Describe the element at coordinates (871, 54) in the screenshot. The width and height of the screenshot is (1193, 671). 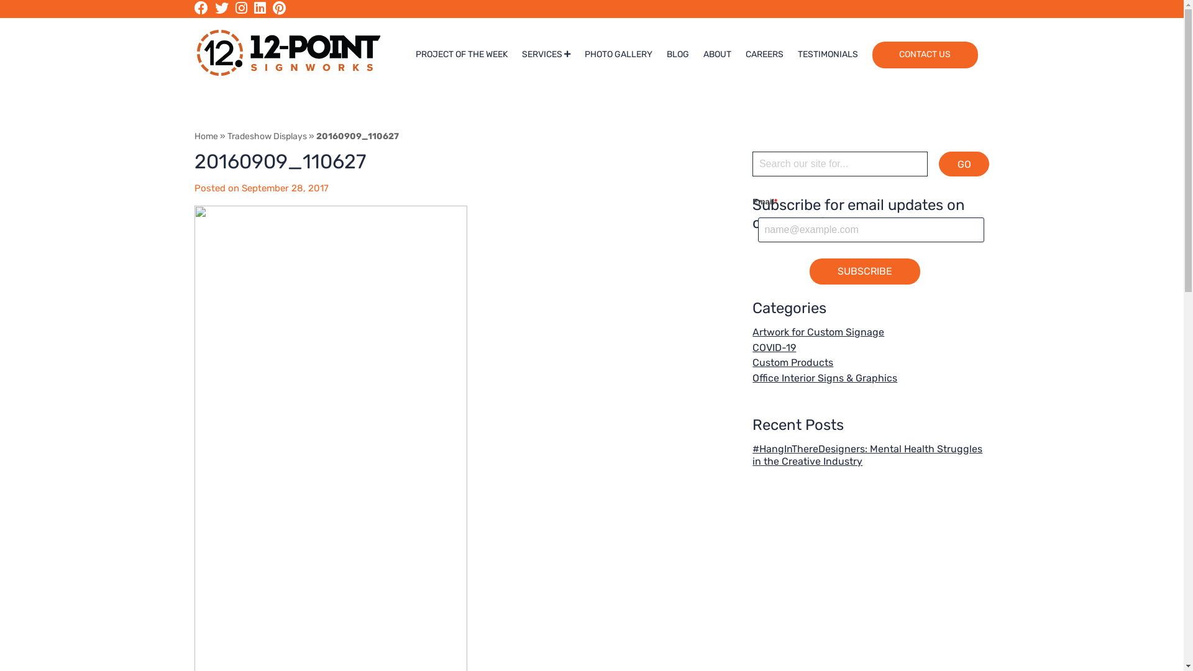
I see `'CONTACT US'` at that location.